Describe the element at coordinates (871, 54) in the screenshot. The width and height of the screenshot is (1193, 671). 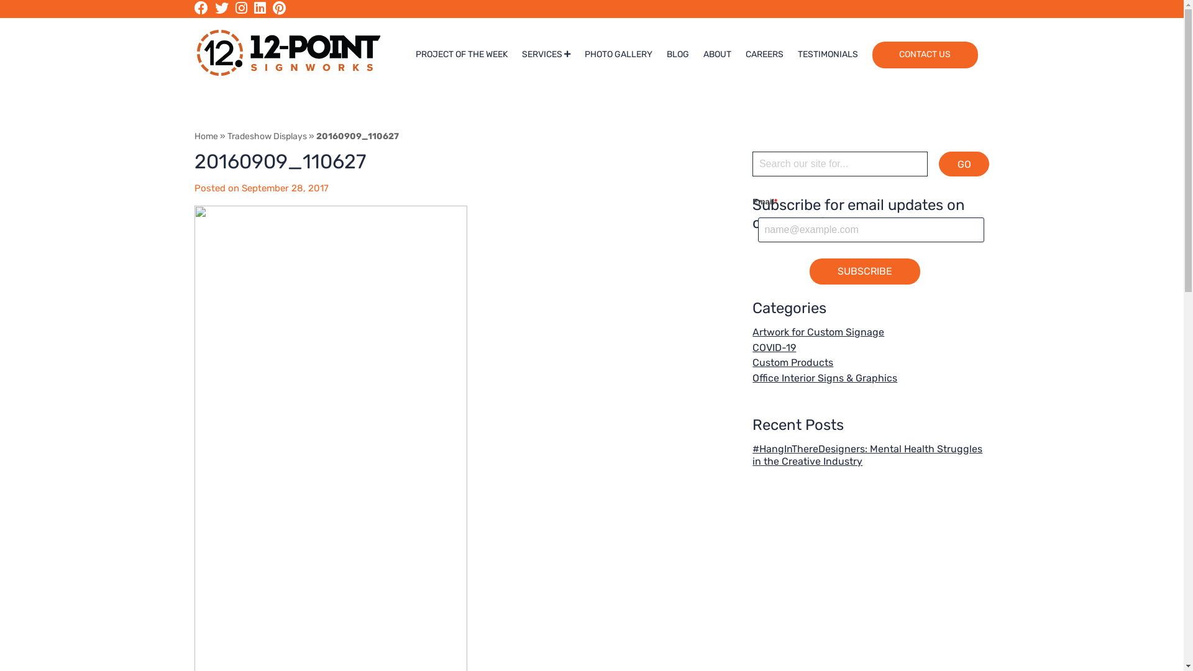
I see `'CONTACT US'` at that location.